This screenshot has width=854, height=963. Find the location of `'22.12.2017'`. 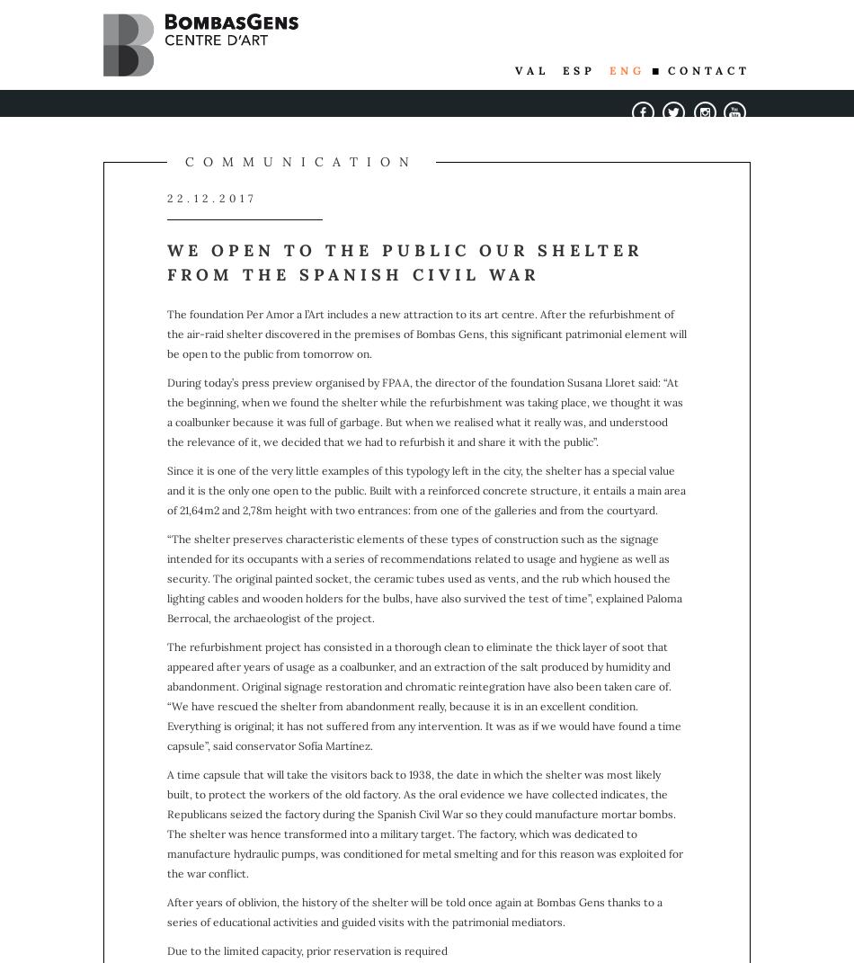

'22.12.2017' is located at coordinates (212, 197).